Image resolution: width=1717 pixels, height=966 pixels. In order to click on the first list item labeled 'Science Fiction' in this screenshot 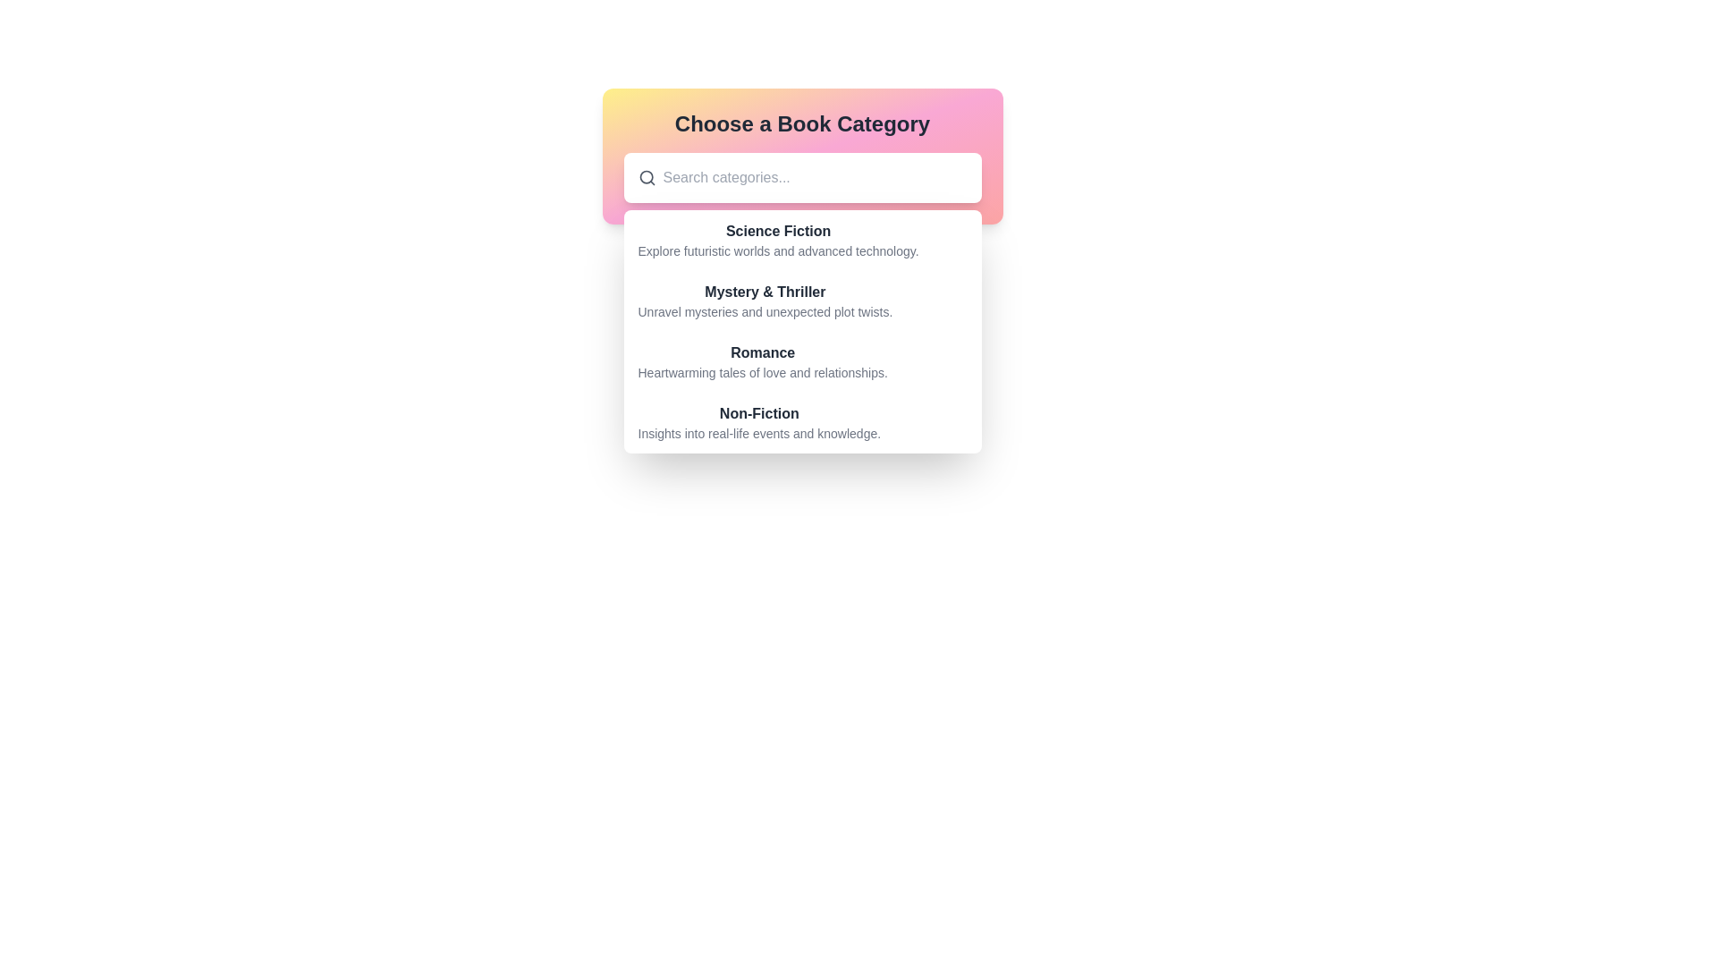, I will do `click(778, 240)`.